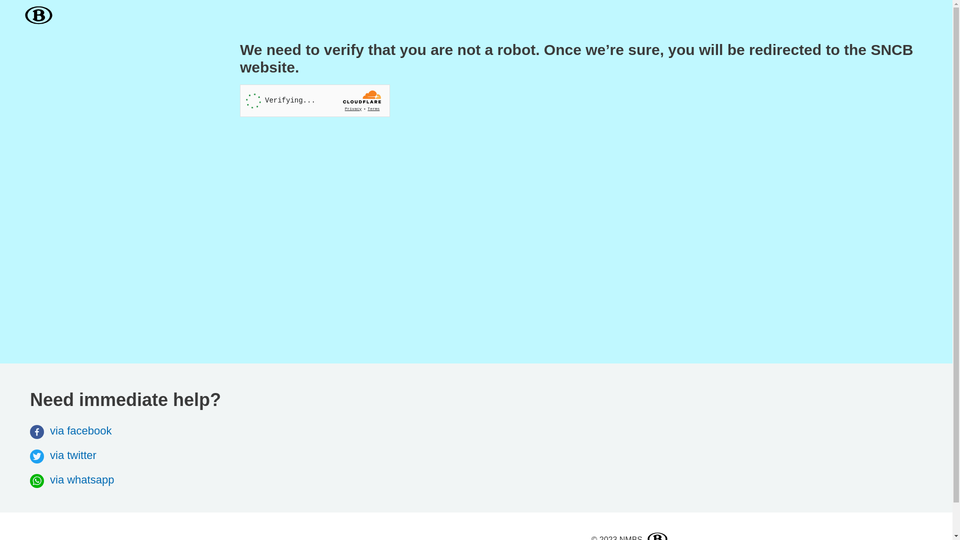 Image resolution: width=960 pixels, height=540 pixels. I want to click on 'via facebook', so click(70, 430).